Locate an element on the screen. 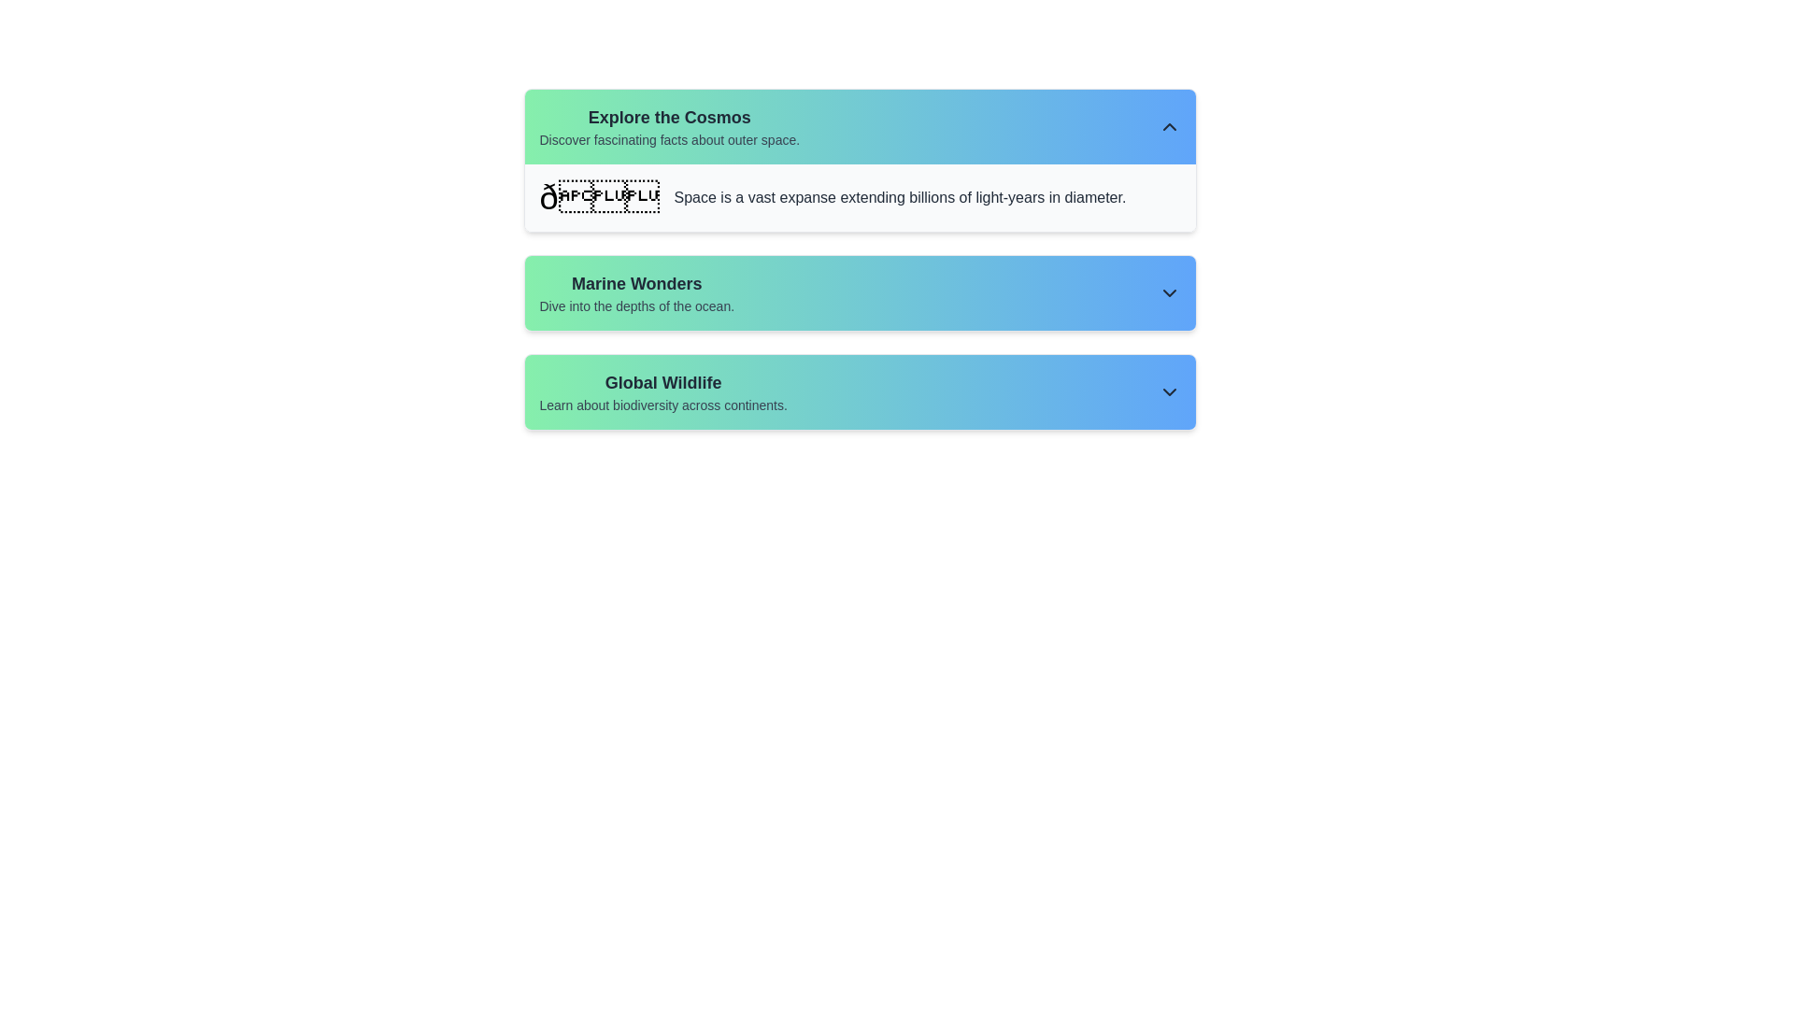  the Text label that serves as the title or heading for the section, positioned above the descriptive text 'Learn about biodiversity across continents.' is located at coordinates (663, 381).